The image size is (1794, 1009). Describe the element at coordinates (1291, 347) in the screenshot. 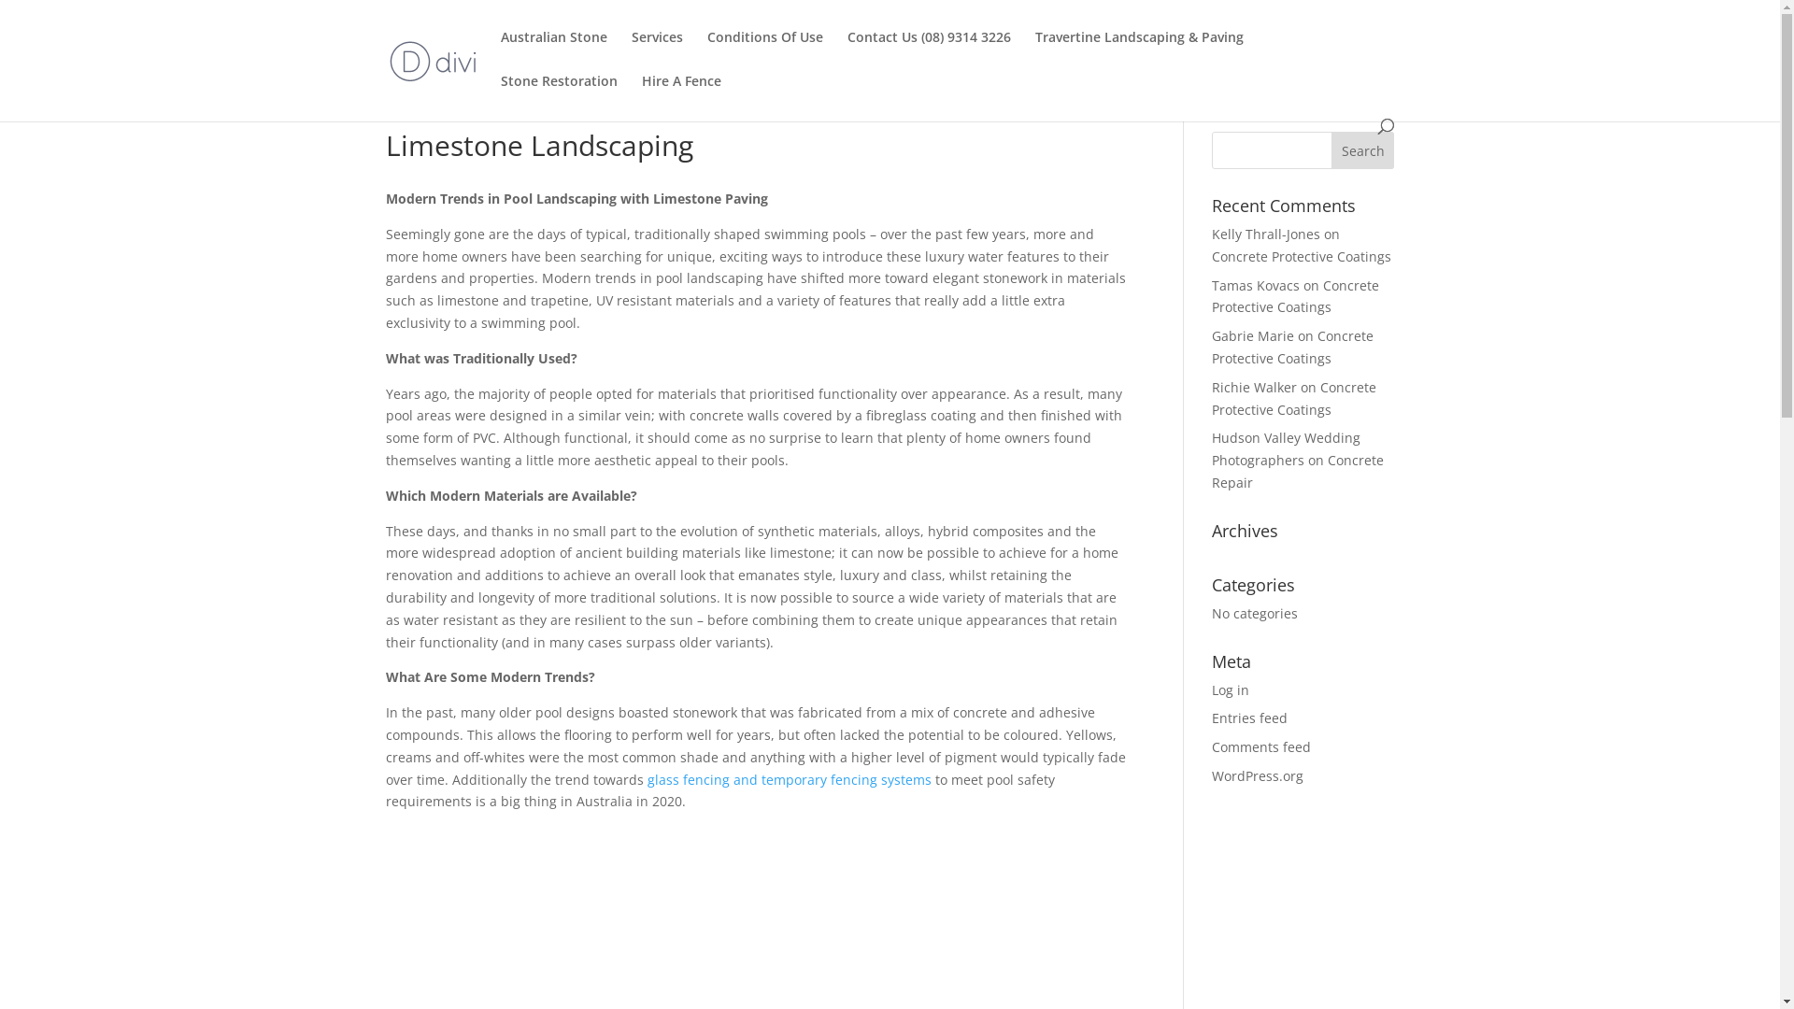

I see `'Concrete Protective Coatings'` at that location.